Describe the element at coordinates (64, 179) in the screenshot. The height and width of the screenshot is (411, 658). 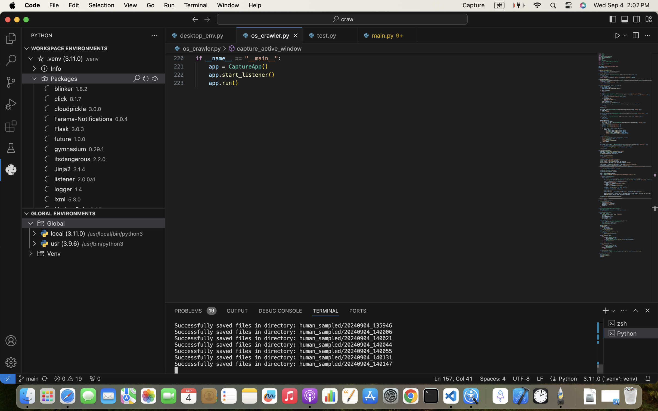
I see `'listener'` at that location.